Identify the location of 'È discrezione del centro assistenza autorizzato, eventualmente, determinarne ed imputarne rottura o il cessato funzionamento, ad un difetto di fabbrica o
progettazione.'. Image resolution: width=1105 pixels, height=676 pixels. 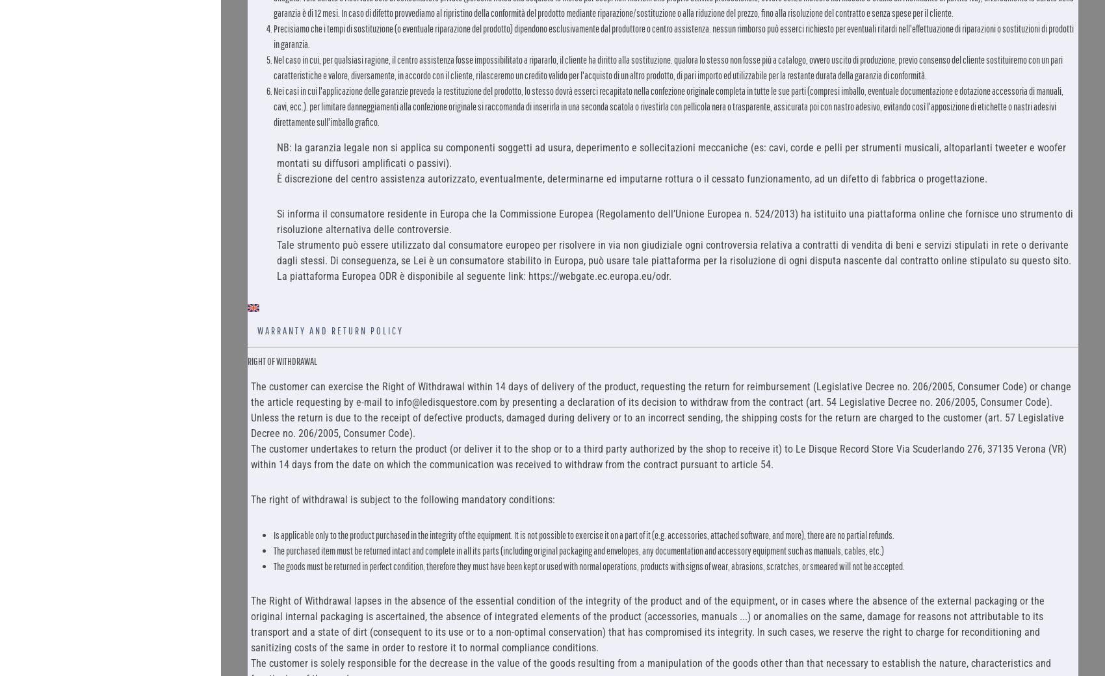
(630, 177).